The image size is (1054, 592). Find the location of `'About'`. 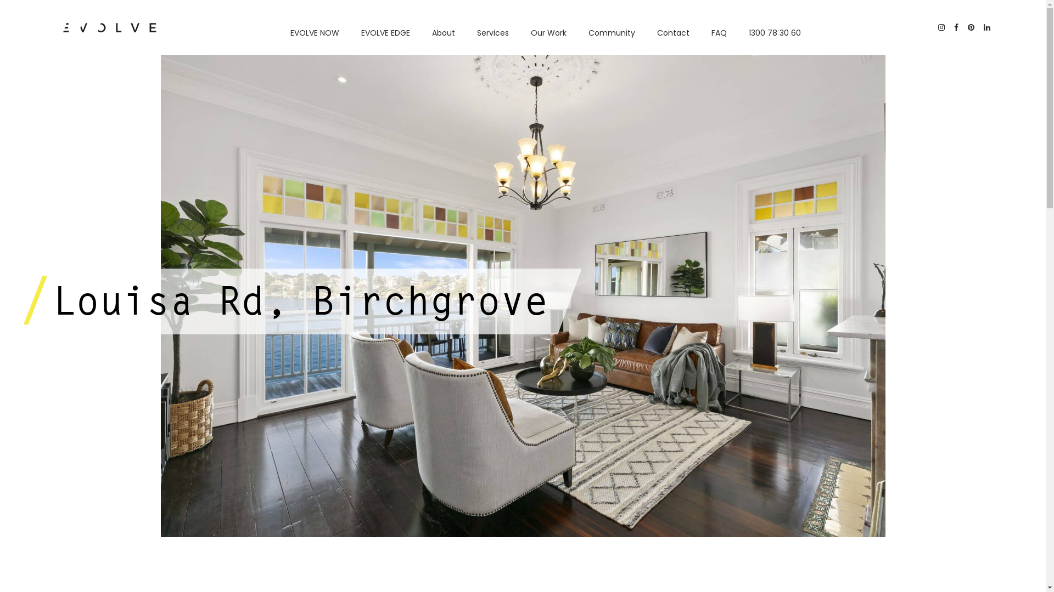

'About' is located at coordinates (443, 32).